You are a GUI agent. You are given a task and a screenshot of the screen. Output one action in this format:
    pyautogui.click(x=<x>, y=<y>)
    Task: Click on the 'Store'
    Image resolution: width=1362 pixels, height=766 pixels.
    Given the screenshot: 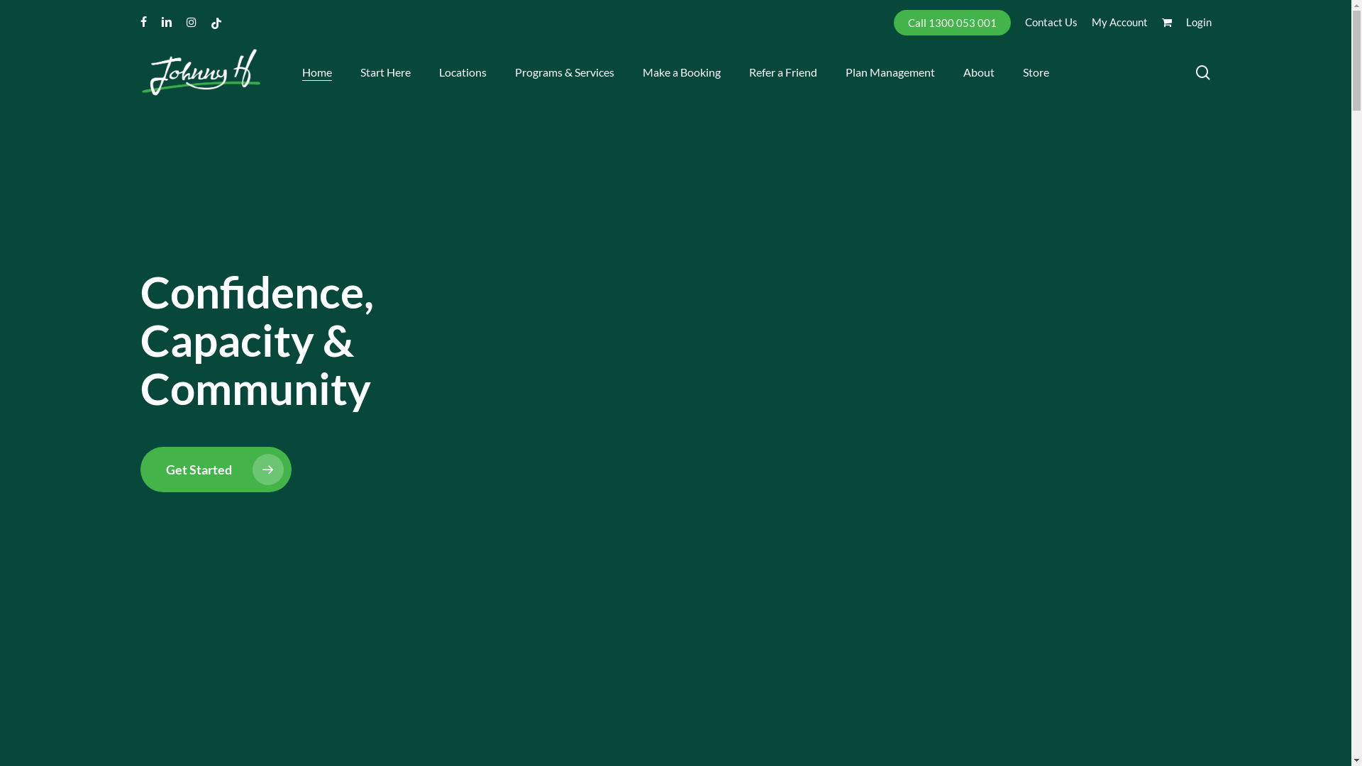 What is the action you would take?
    pyautogui.click(x=1036, y=72)
    